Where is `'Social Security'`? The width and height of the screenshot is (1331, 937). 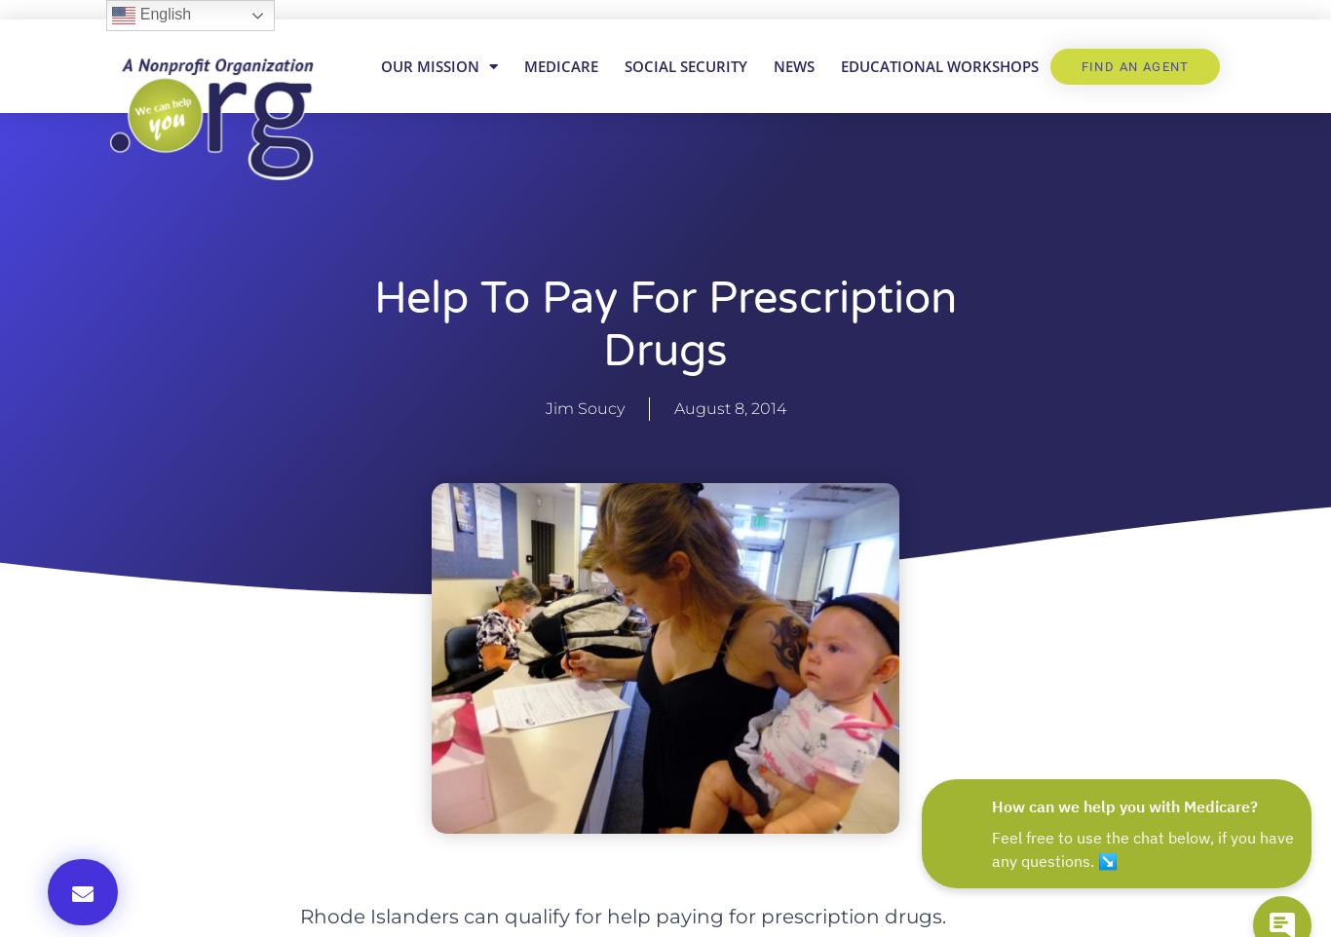
'Social Security' is located at coordinates (684, 66).